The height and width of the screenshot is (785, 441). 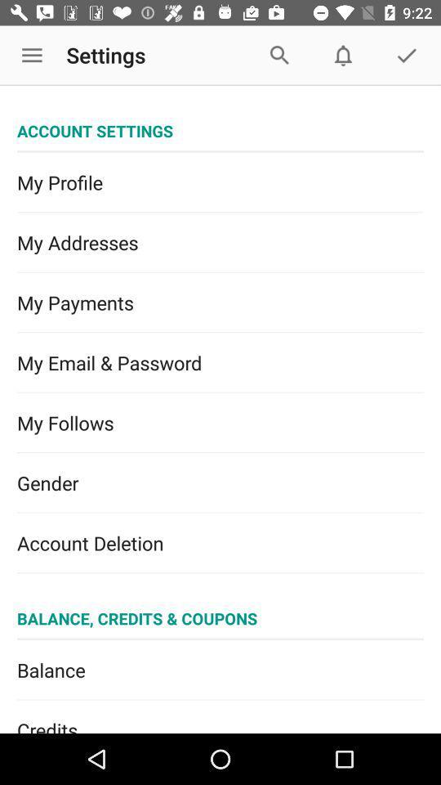 I want to click on the icon below my email & password, so click(x=220, y=422).